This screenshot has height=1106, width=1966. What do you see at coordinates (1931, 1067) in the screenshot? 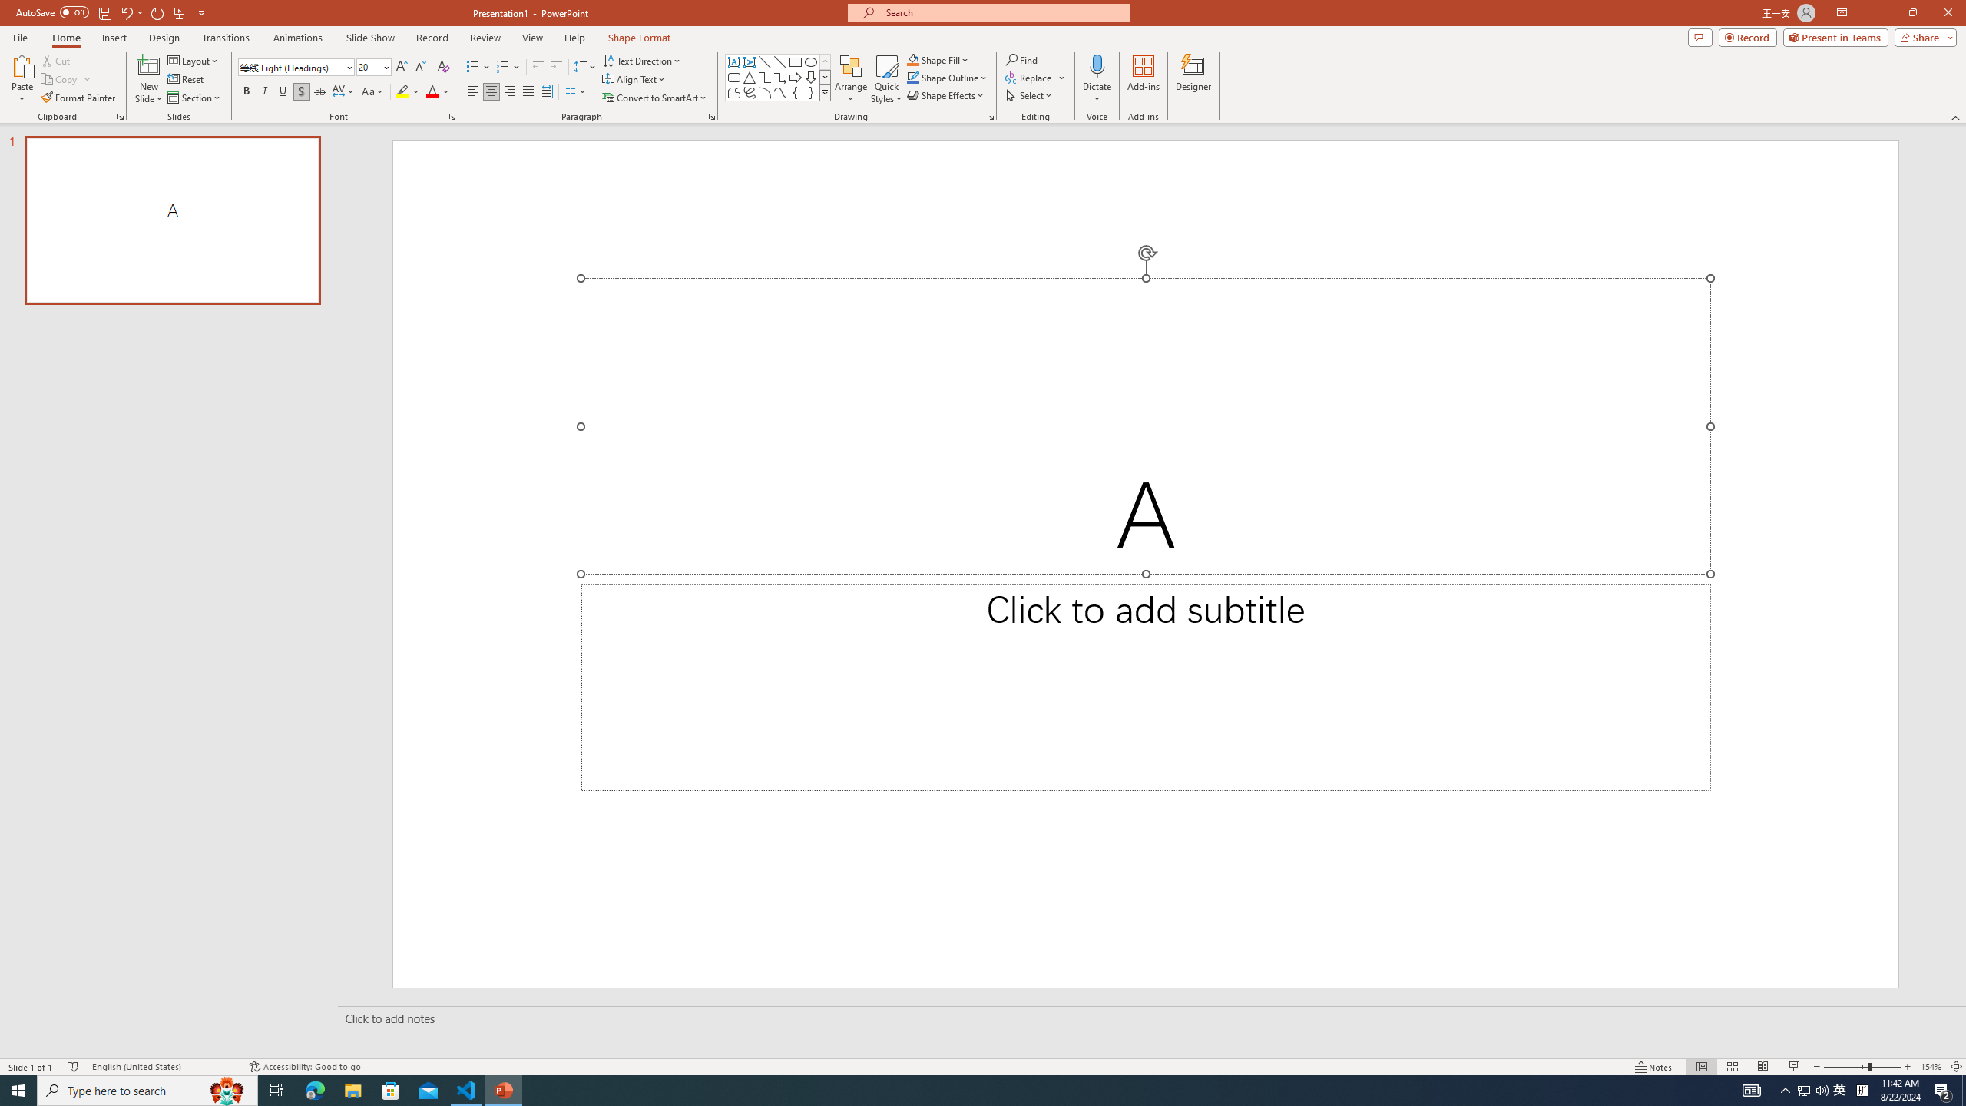
I see `'Zoom 154%'` at bounding box center [1931, 1067].